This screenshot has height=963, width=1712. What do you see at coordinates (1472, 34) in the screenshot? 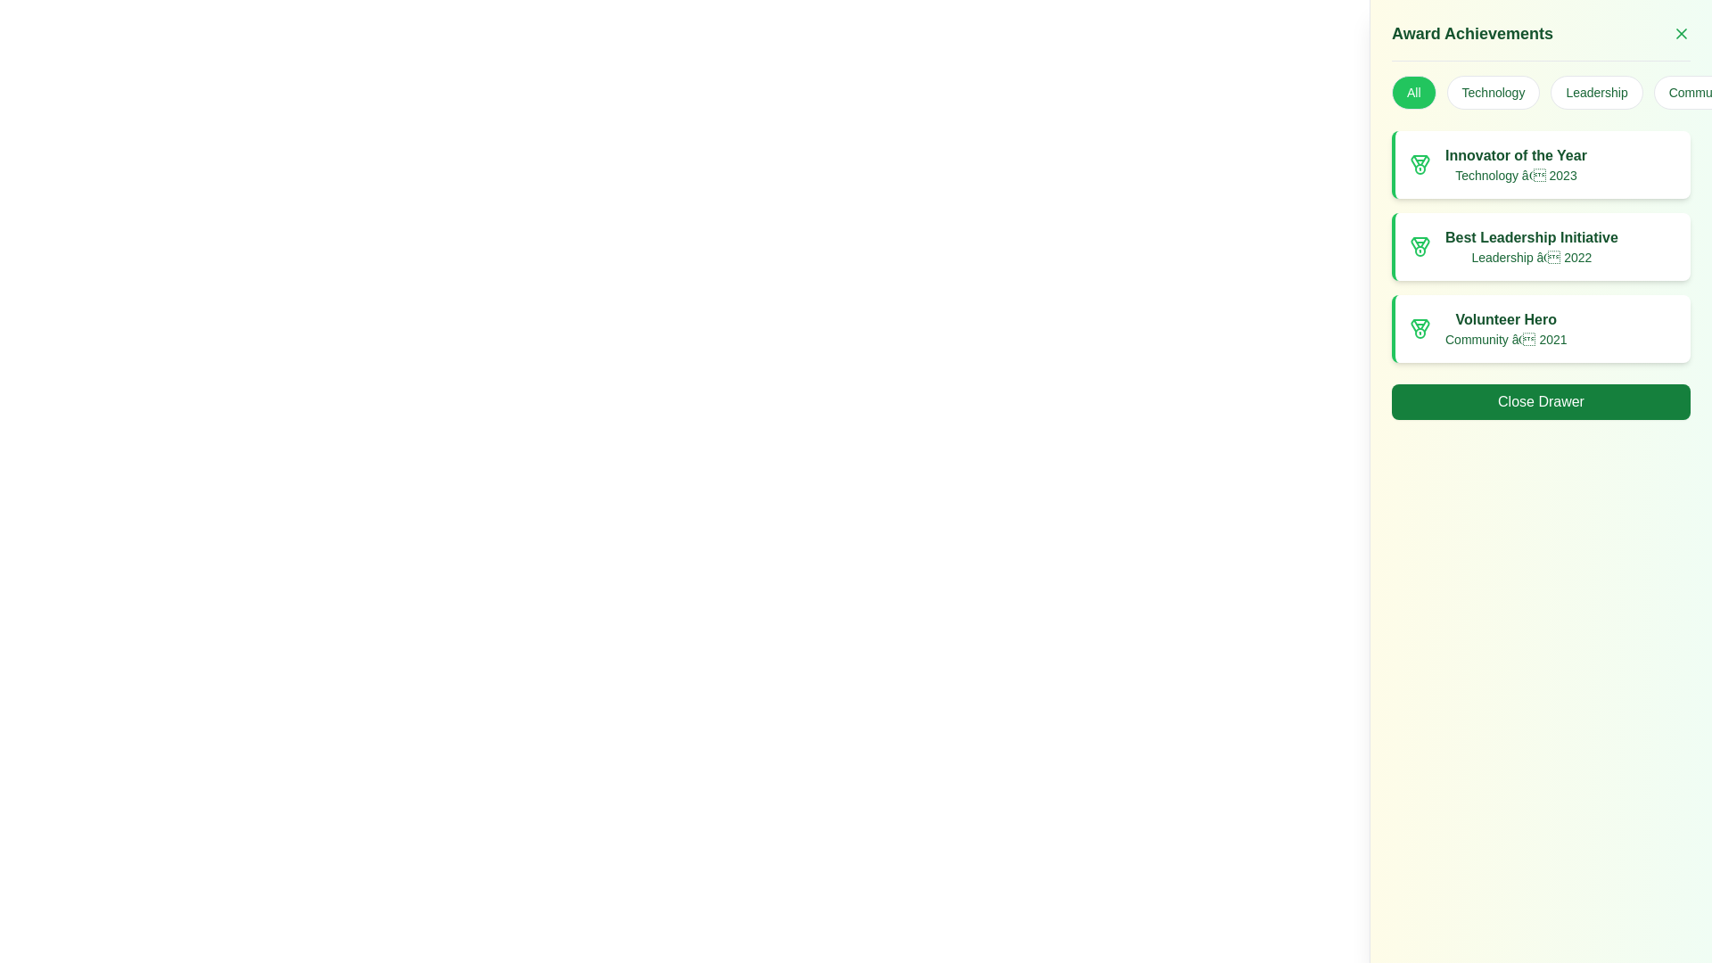
I see `the Text Label that serves as a title for the awards or achievement categories, located at the top-right corner of the interface` at bounding box center [1472, 34].